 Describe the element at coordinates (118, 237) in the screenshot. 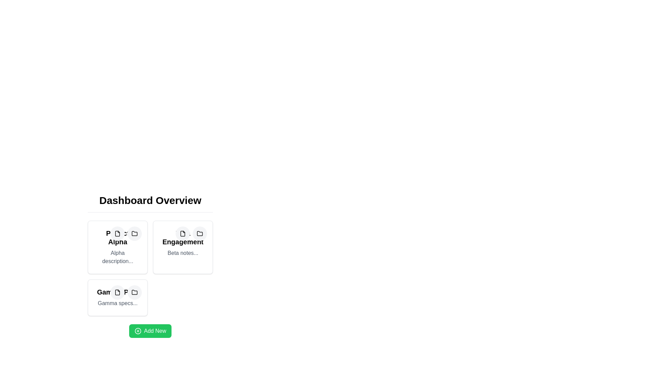

I see `the Static Text Label that serves as the project title in the first box of the grid on the dashboard overview, located just below the actionable icons` at that location.